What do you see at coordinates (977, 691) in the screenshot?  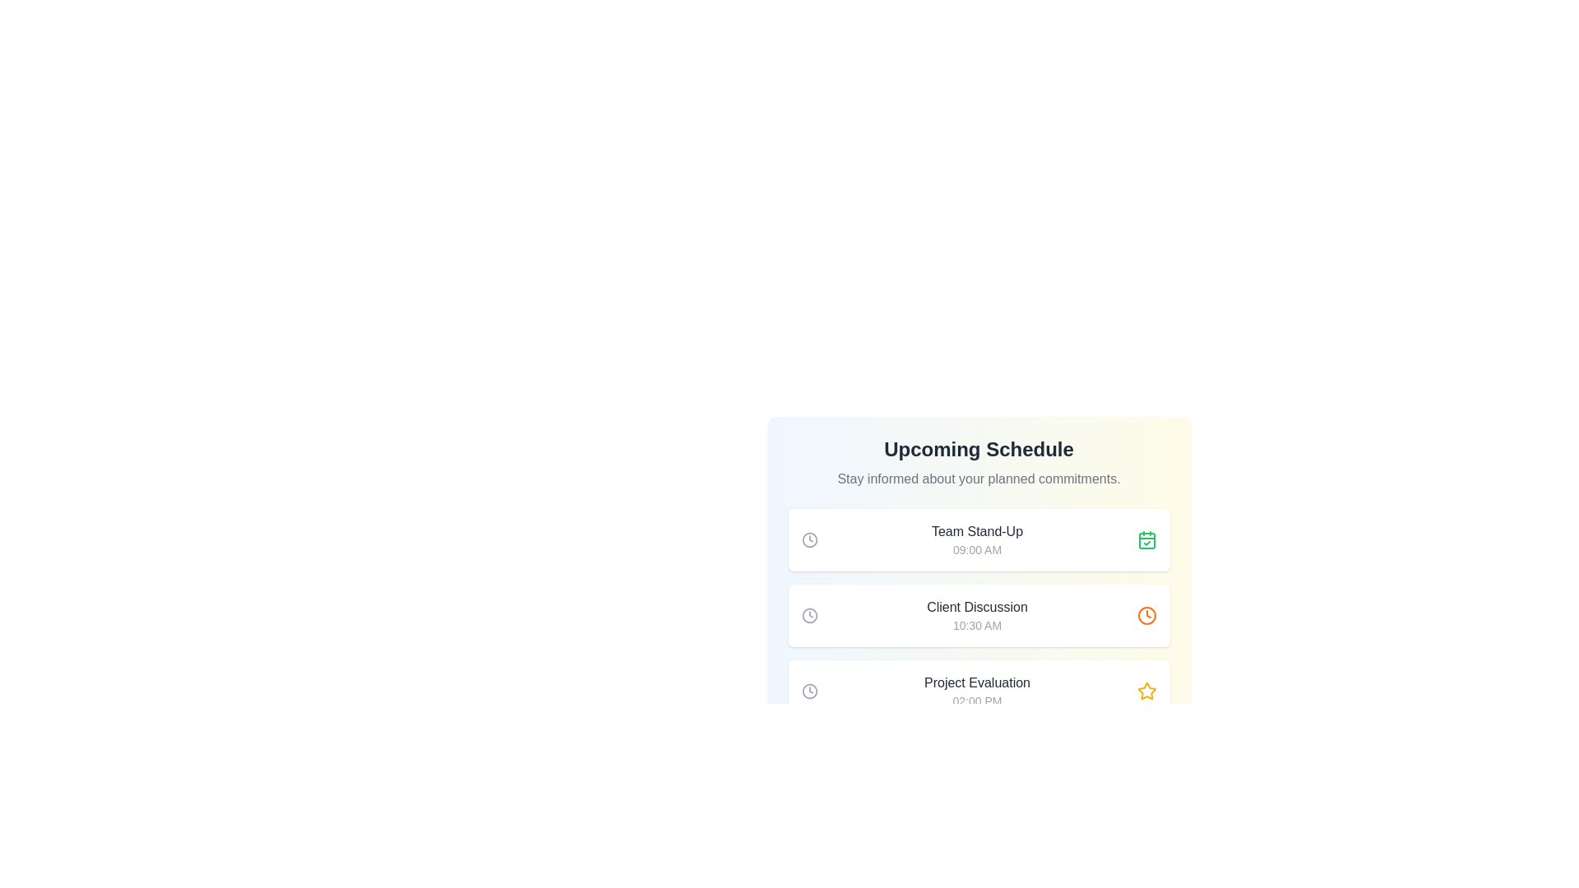 I see `the text display component that shows the title and time of a scheduled event located in the third row of the 'Upcoming Schedule' list, centrally aligned under 'Team Stand-Up' and 'Client Discussion'` at bounding box center [977, 691].